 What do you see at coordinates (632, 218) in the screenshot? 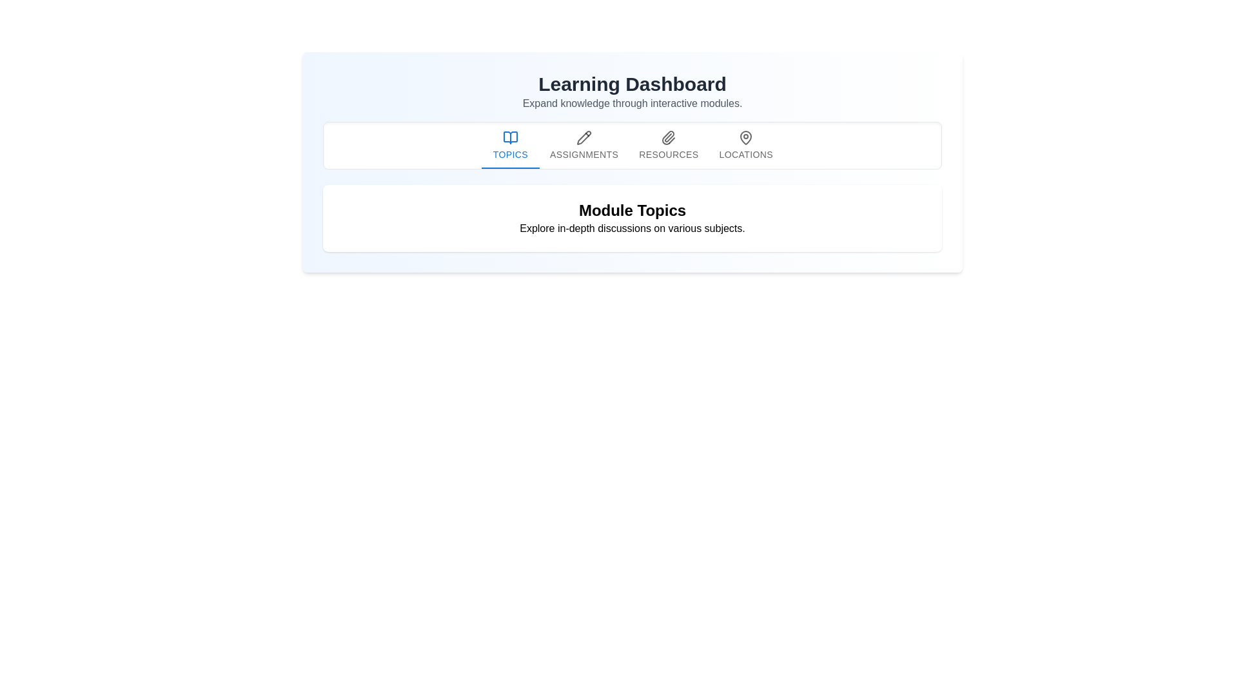
I see `the central Text block that serves as an introductory section for the 'Module Topics', providing a title and brief explanation, located below the 'Learning Dashboard' navigation bar` at bounding box center [632, 218].